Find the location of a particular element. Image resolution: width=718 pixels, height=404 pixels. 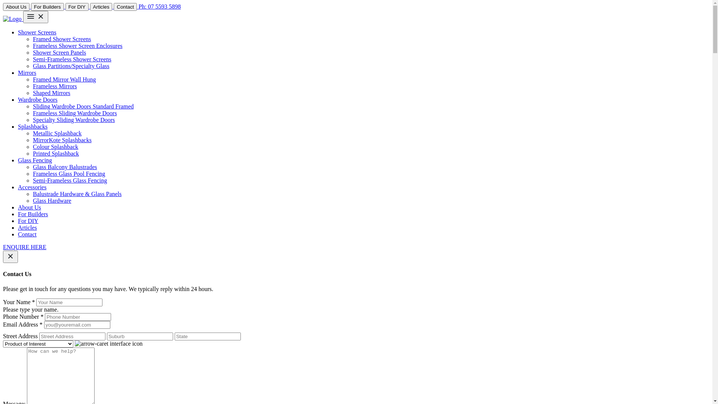

'Splashbacks' is located at coordinates (18, 126).